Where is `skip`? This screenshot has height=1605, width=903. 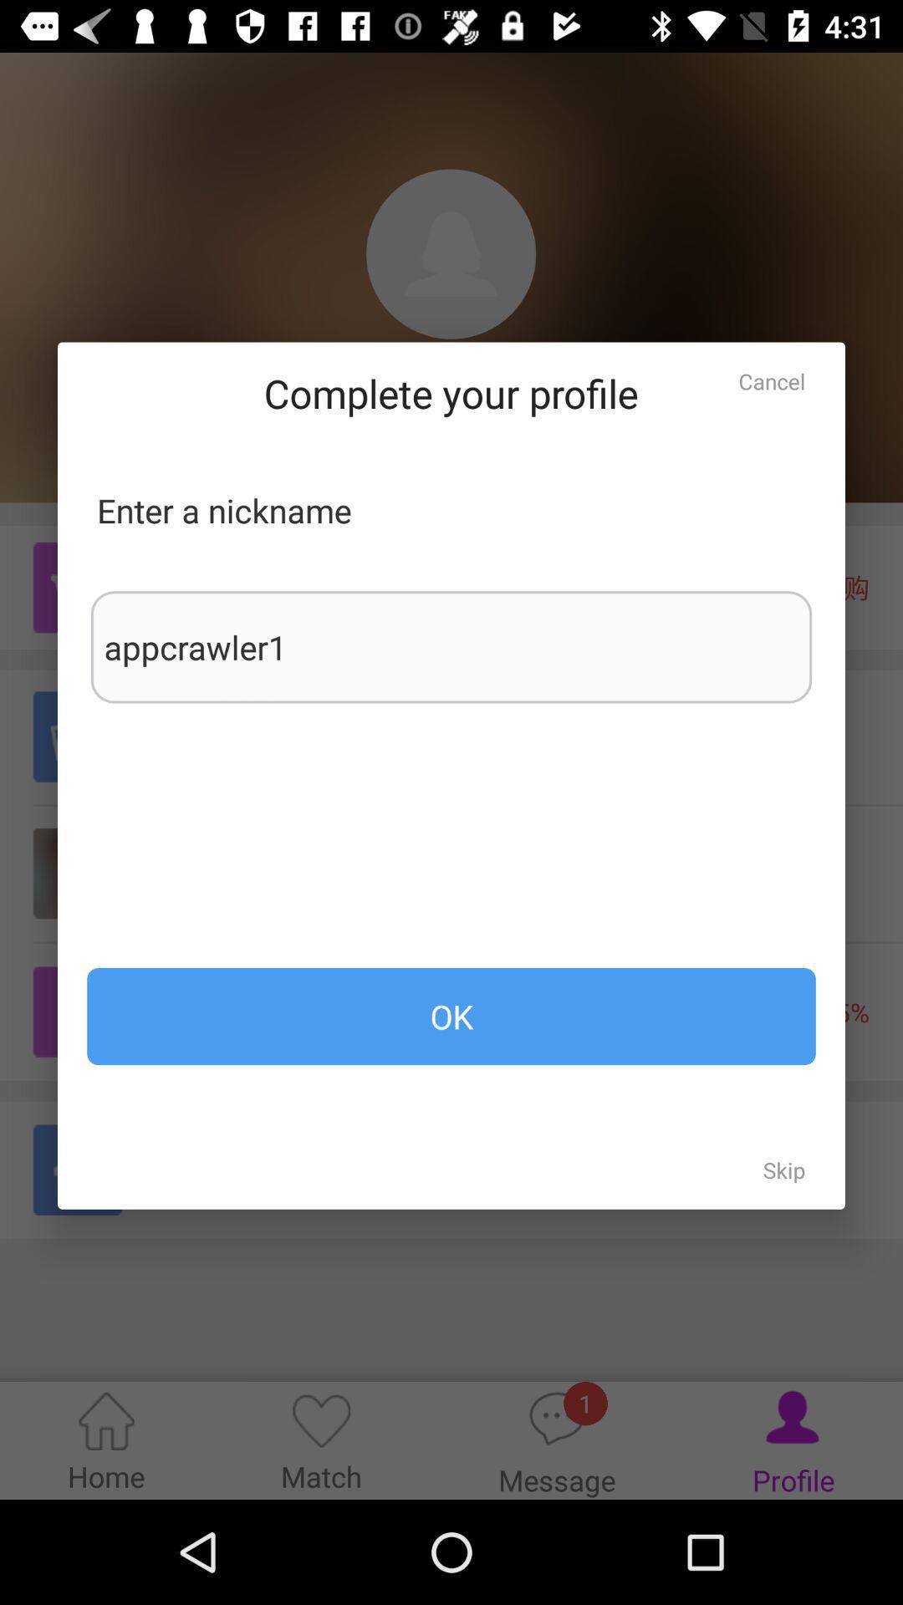
skip is located at coordinates (784, 1169).